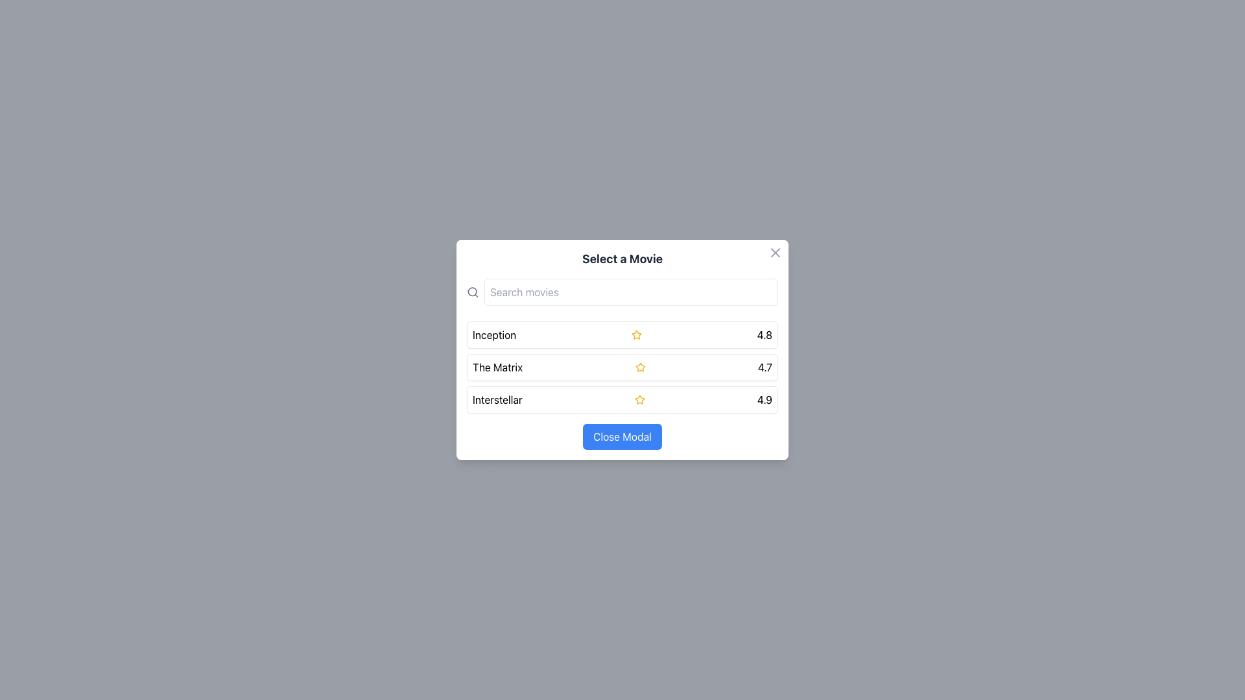 This screenshot has width=1245, height=700. What do you see at coordinates (765, 399) in the screenshot?
I see `the text label displaying '4.9' in bold, located on the far-right side of the 'Interstellar' row to trigger tooltips` at bounding box center [765, 399].